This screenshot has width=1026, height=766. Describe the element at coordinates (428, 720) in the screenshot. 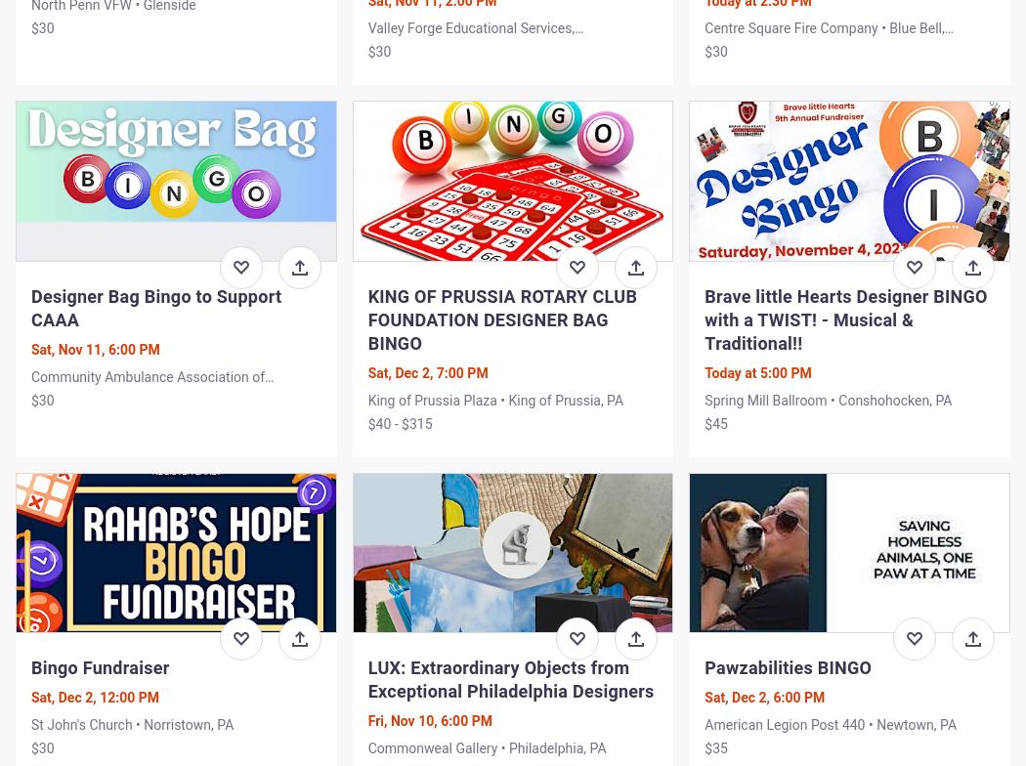

I see `'Fri, Nov 10, 6:00 PM'` at that location.